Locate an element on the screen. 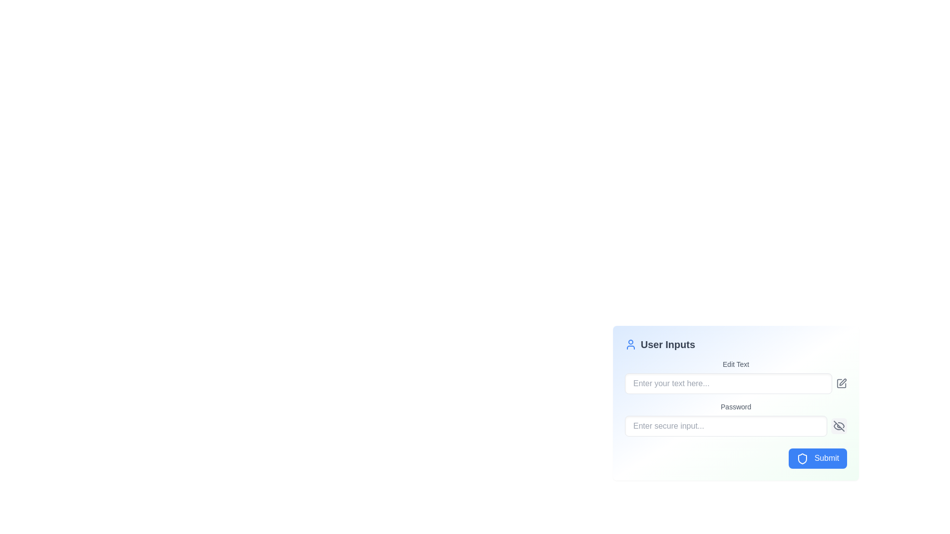 The width and height of the screenshot is (950, 534). the button located to the right of the 'Password' input field in the 'User Inputs' form is located at coordinates (838, 425).